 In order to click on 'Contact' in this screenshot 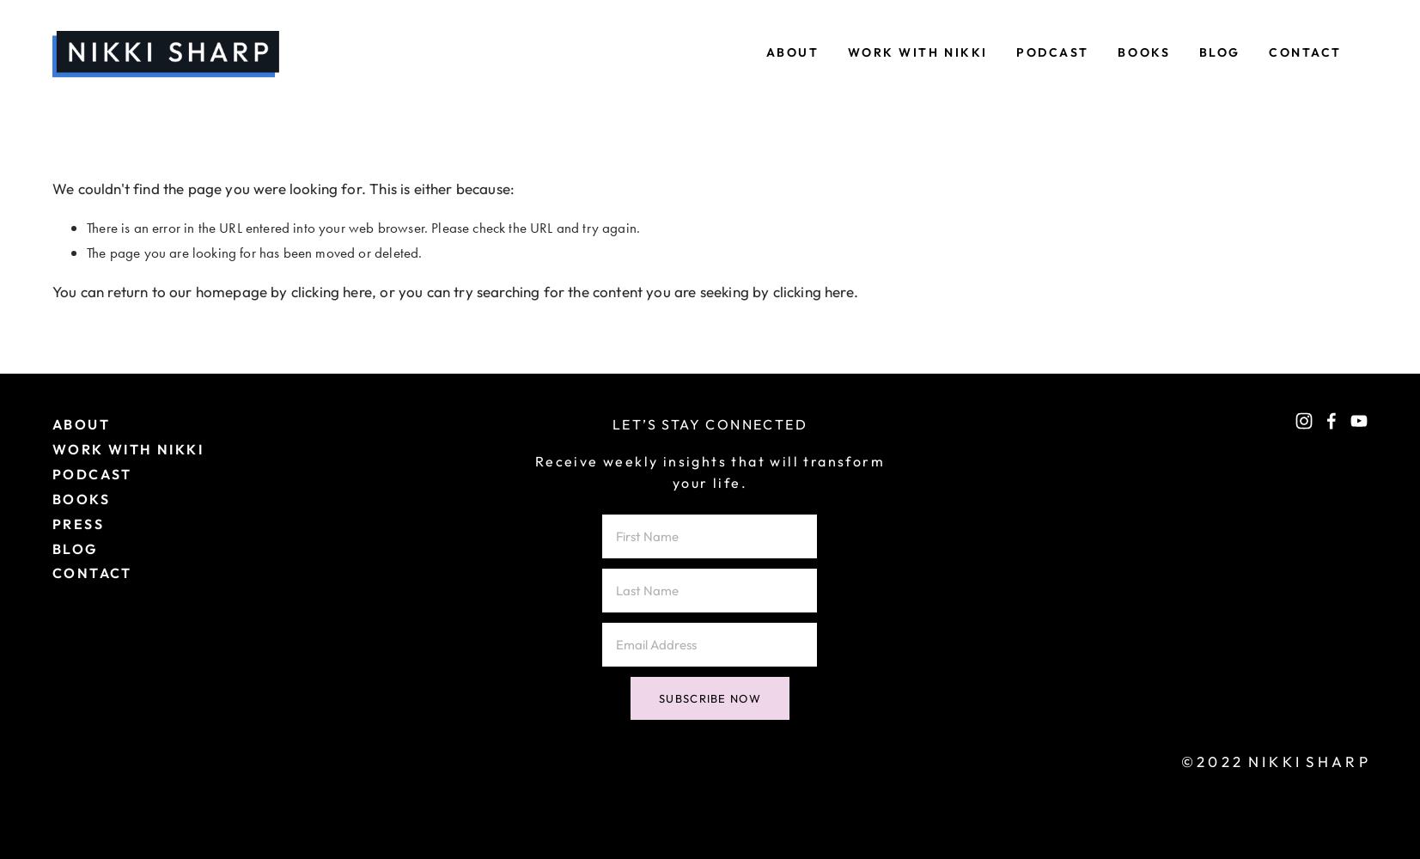, I will do `click(1305, 52)`.